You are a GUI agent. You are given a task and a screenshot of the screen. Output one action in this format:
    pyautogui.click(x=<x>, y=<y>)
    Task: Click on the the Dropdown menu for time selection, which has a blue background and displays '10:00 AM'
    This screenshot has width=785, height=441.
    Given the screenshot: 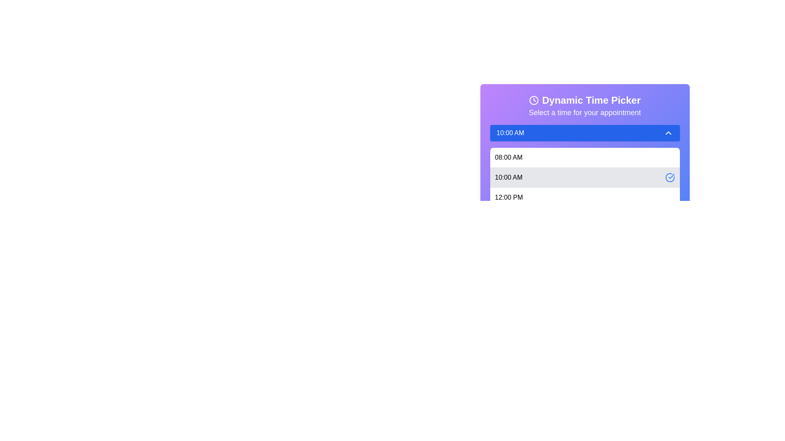 What is the action you would take?
    pyautogui.click(x=584, y=130)
    